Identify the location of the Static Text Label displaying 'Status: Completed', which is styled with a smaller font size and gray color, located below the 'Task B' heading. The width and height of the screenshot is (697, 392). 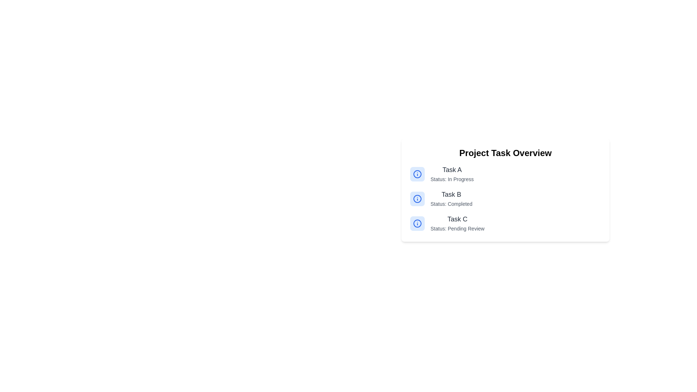
(451, 204).